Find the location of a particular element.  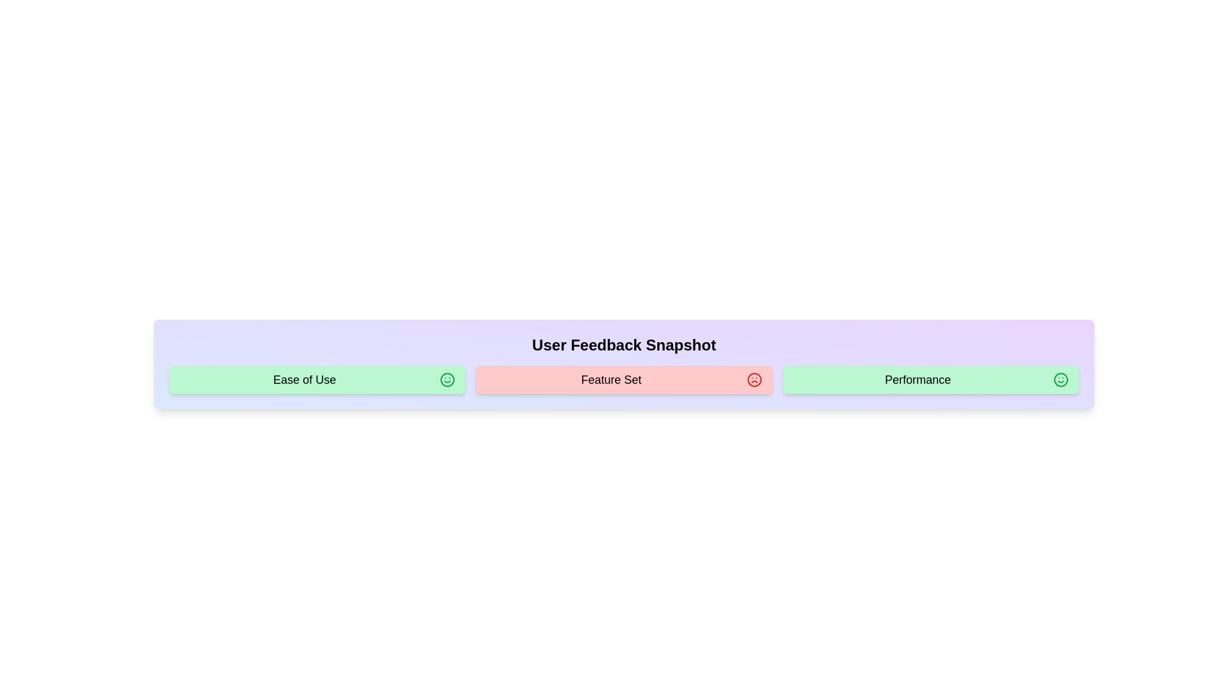

the text of the feedback item labeled Feature Set is located at coordinates (624, 379).